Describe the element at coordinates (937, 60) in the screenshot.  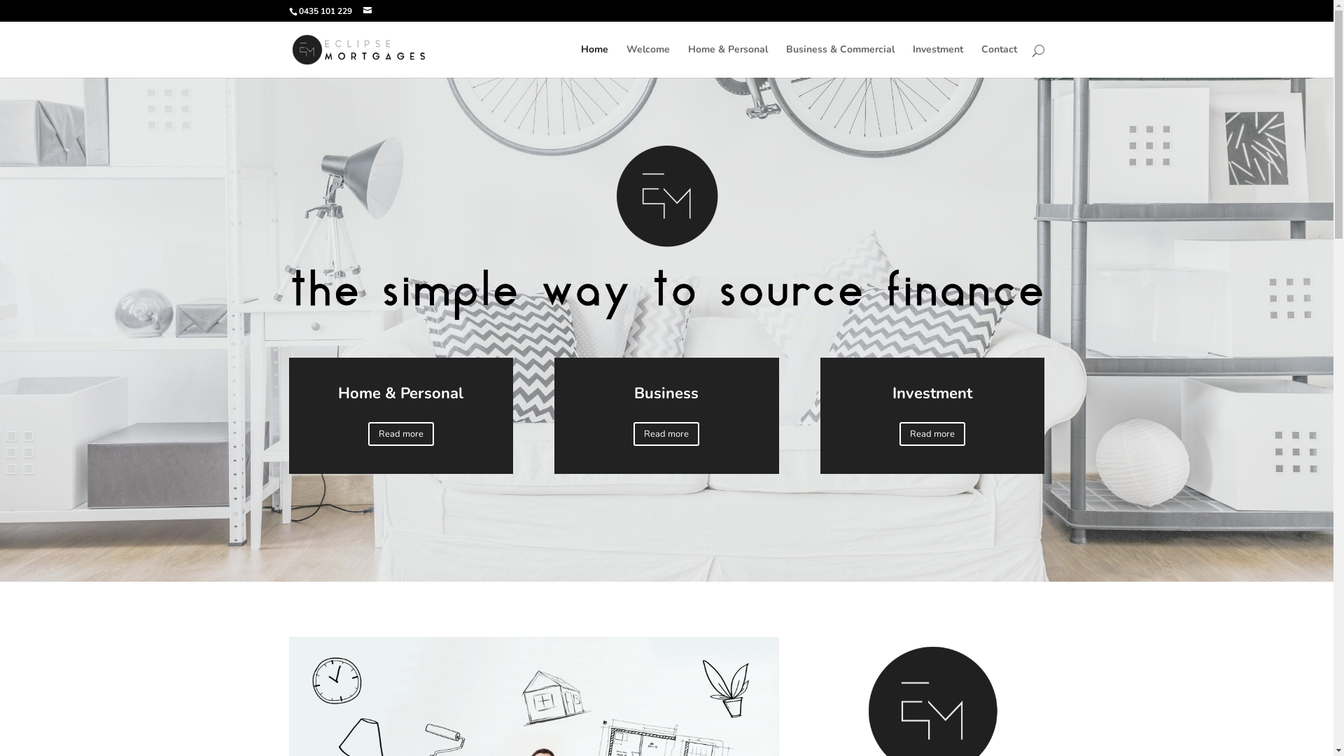
I see `'Investment'` at that location.